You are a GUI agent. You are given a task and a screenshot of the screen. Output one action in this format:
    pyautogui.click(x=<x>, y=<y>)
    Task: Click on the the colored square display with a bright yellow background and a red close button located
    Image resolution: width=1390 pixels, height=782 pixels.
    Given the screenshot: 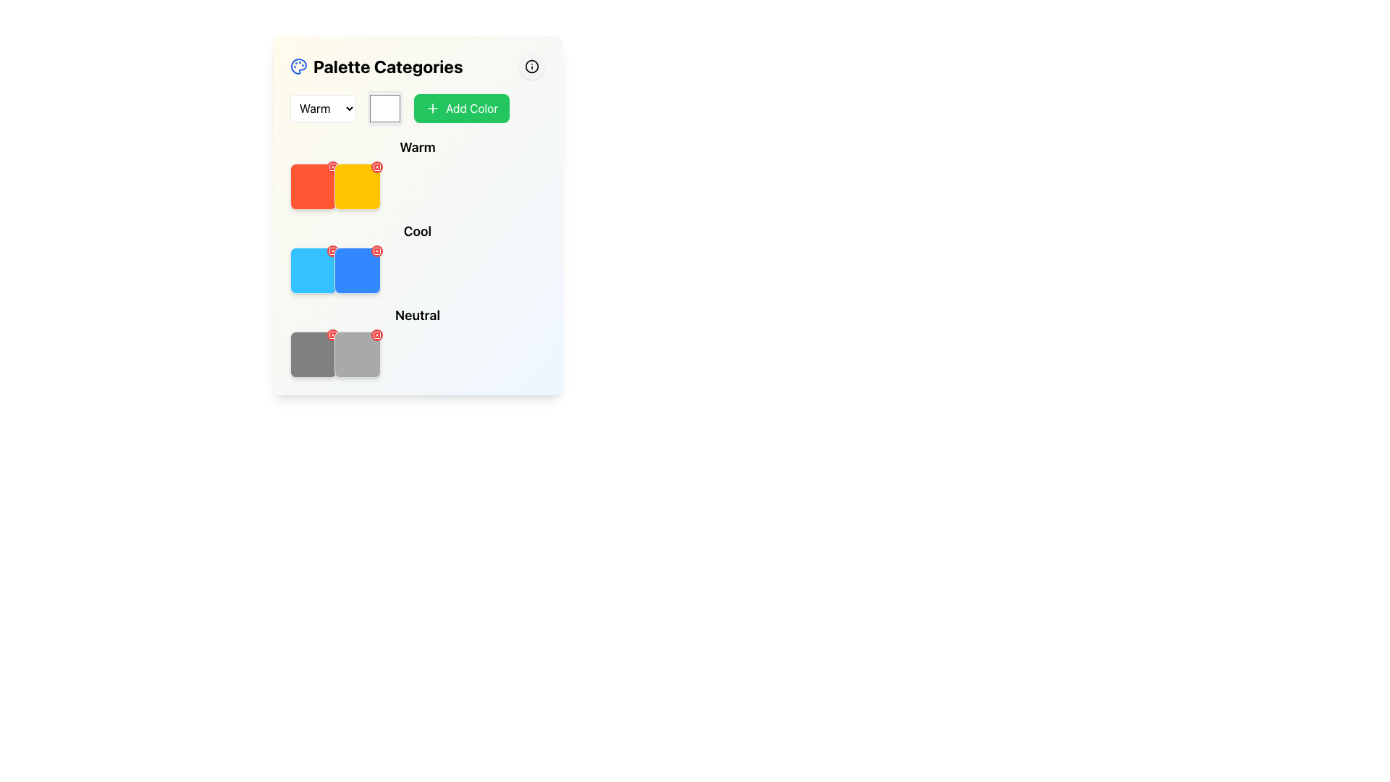 What is the action you would take?
    pyautogui.click(x=358, y=186)
    